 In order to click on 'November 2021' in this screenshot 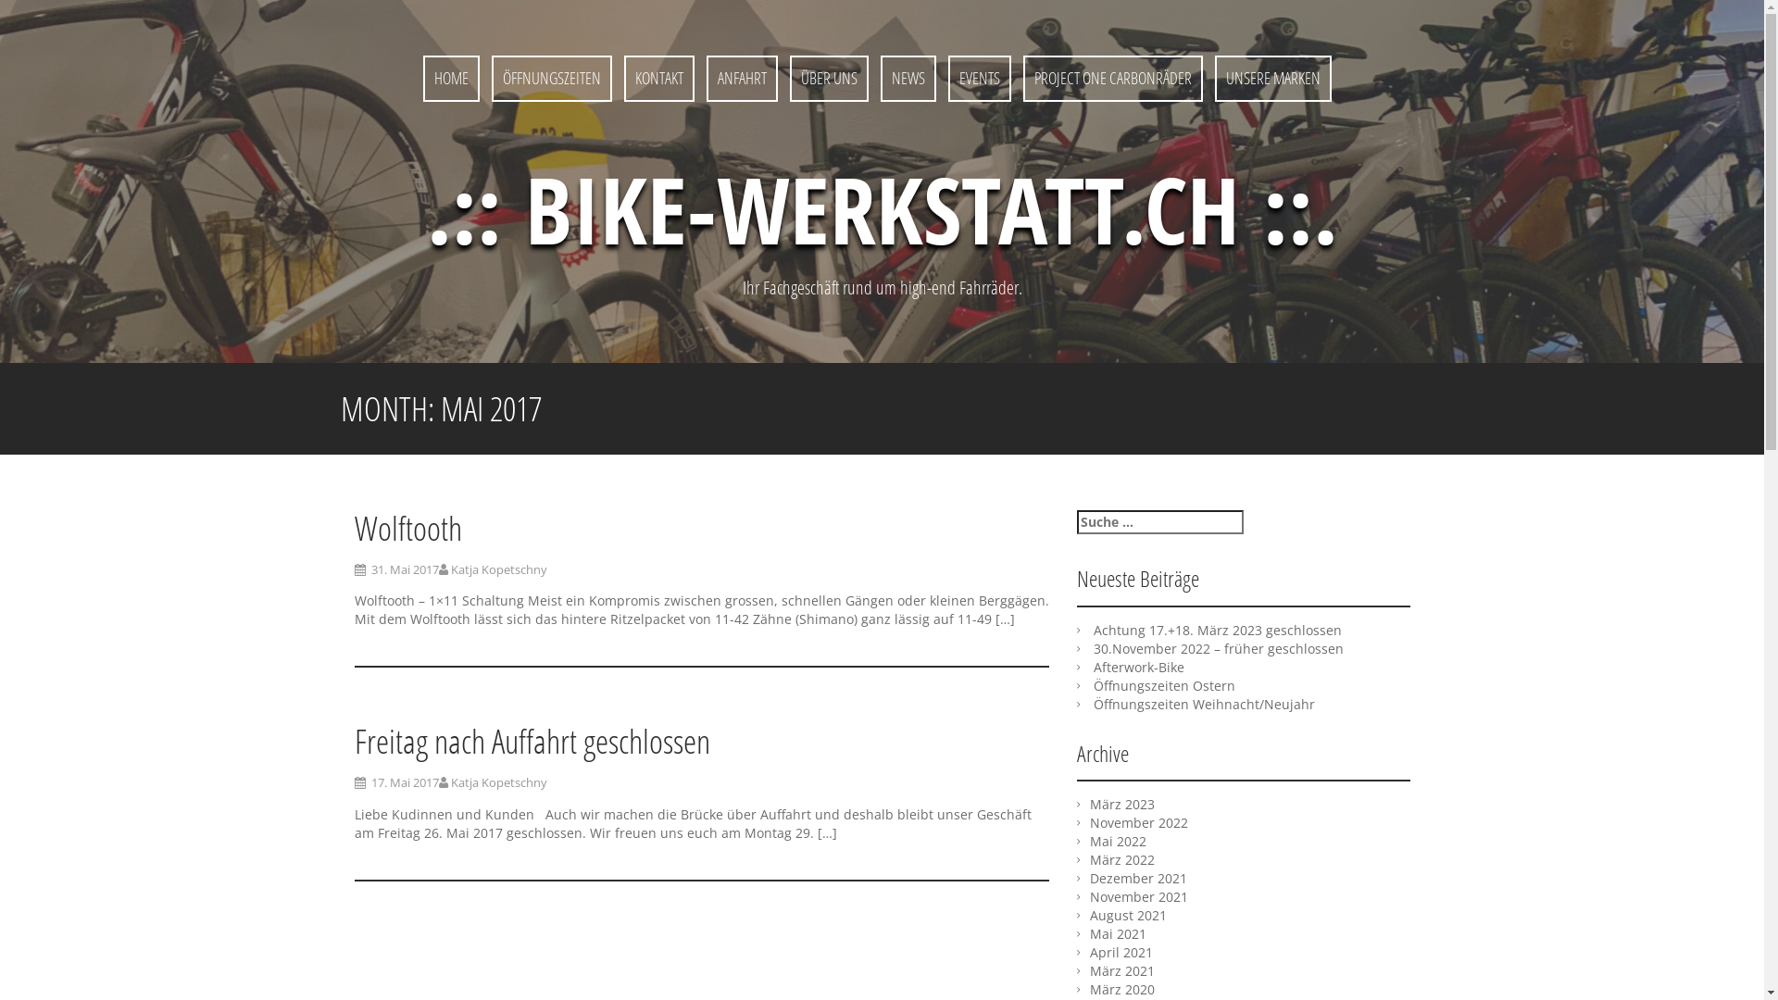, I will do `click(1136, 895)`.